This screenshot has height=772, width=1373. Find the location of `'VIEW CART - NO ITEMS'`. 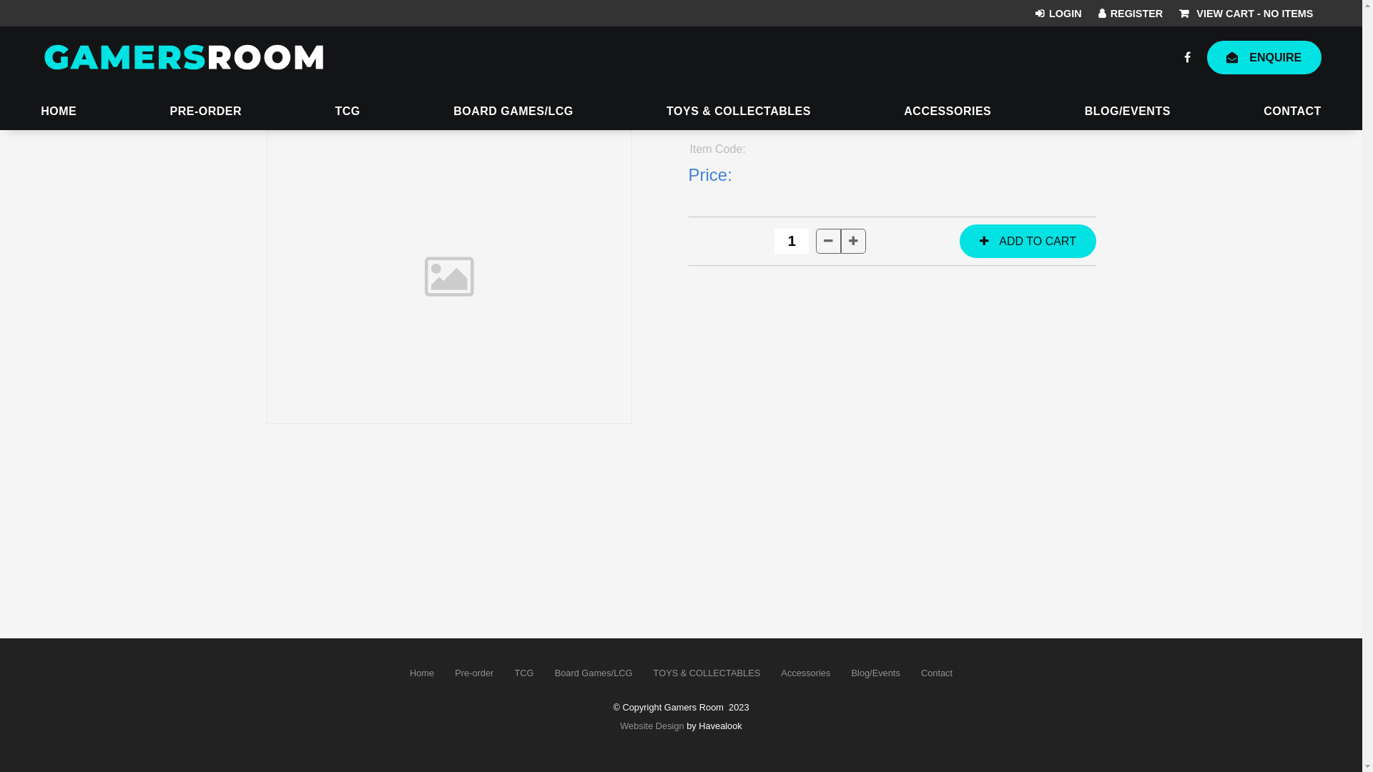

'VIEW CART - NO ITEMS' is located at coordinates (1245, 13).